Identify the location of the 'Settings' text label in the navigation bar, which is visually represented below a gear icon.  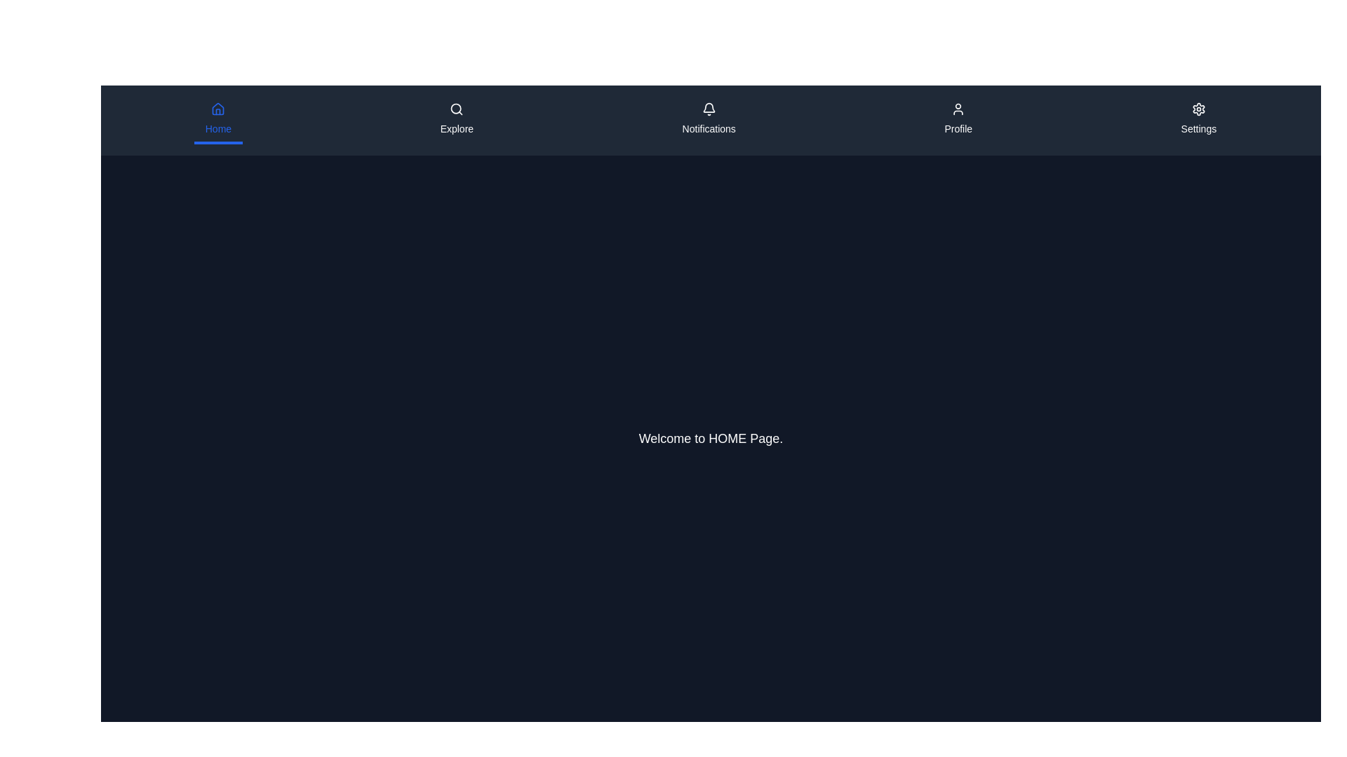
(1198, 129).